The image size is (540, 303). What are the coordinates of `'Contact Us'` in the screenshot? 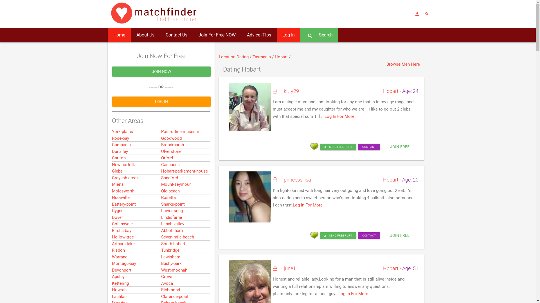 It's located at (176, 35).